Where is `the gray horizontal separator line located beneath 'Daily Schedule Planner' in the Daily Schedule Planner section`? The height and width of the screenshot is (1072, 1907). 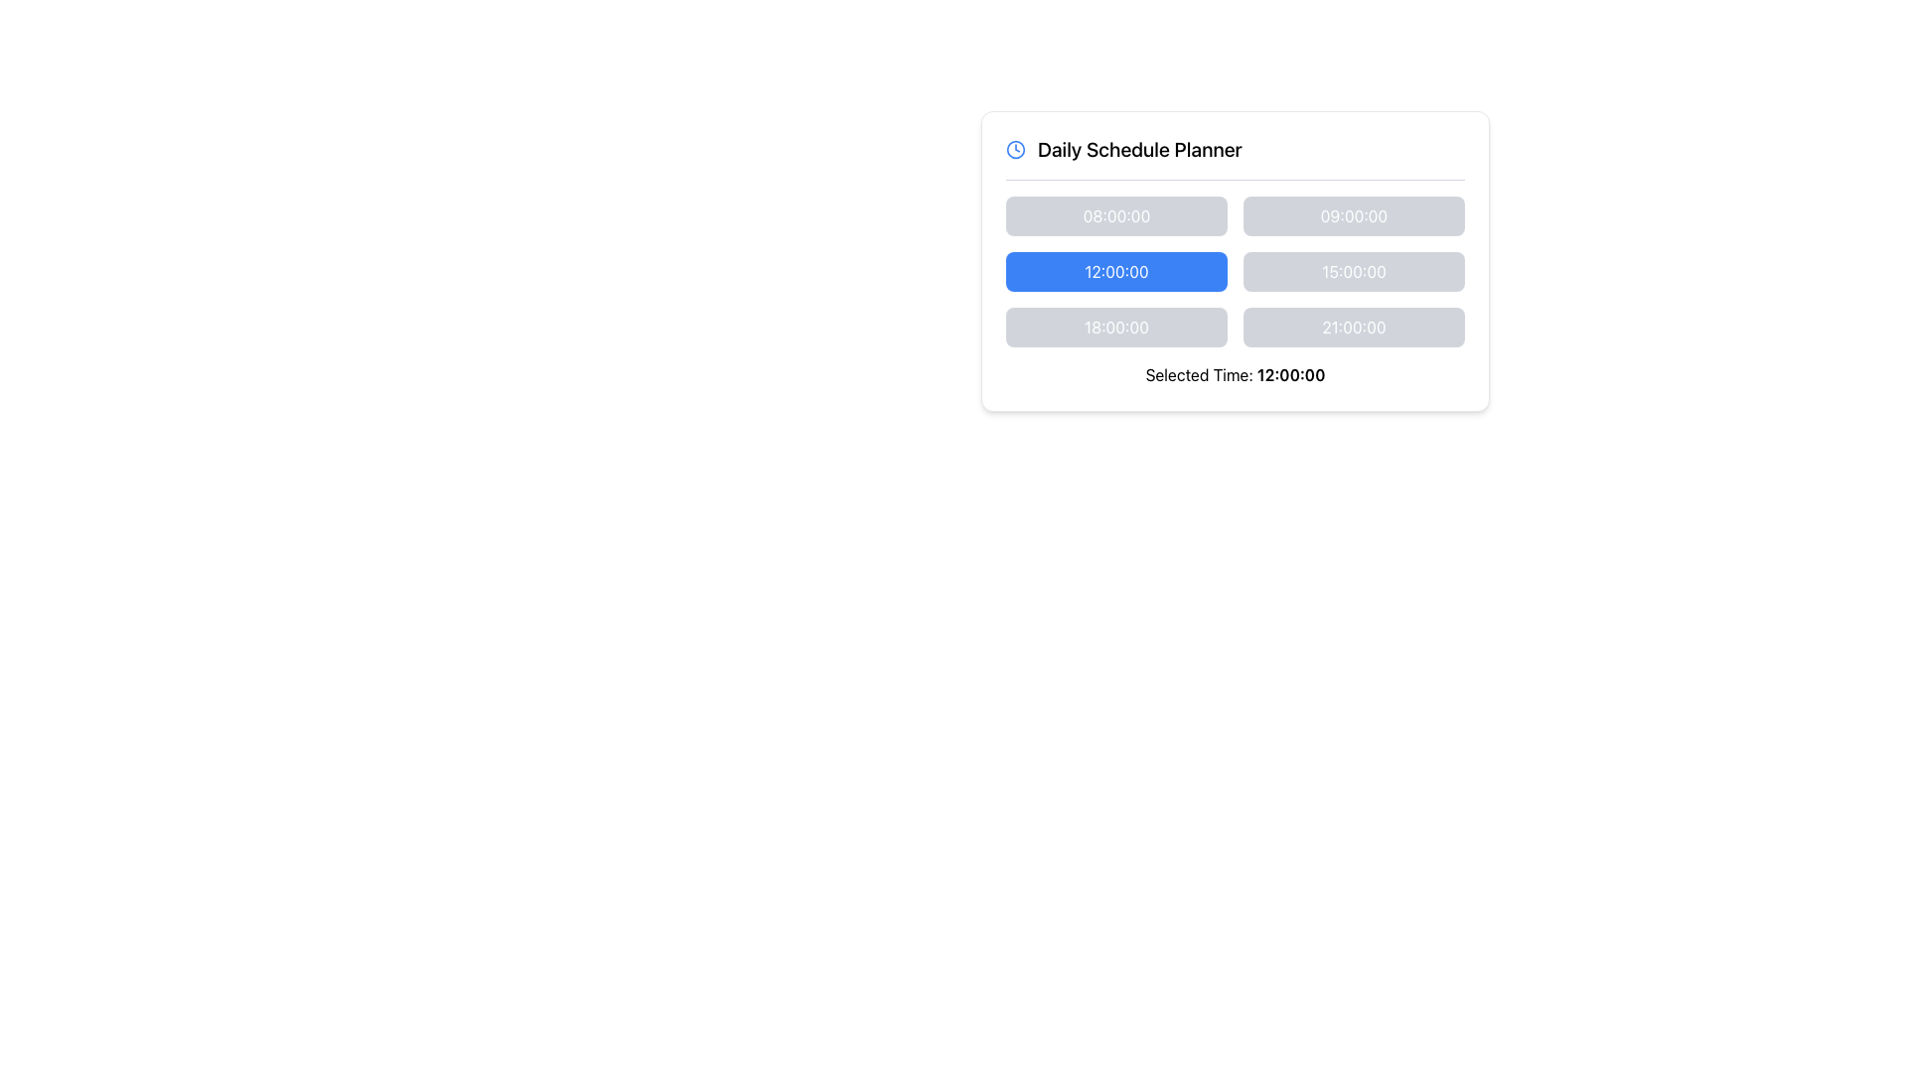
the gray horizontal separator line located beneath 'Daily Schedule Planner' in the Daily Schedule Planner section is located at coordinates (1234, 180).